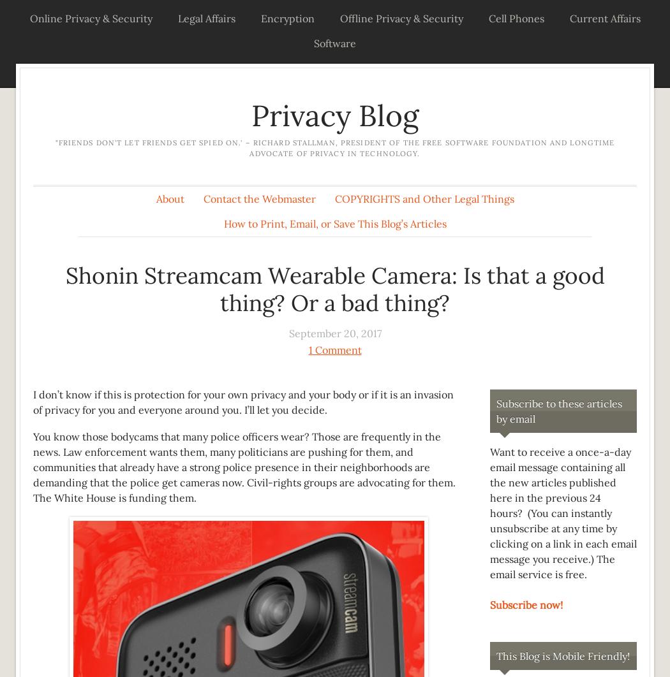  Describe the element at coordinates (488, 18) in the screenshot. I see `'Cell Phones'` at that location.